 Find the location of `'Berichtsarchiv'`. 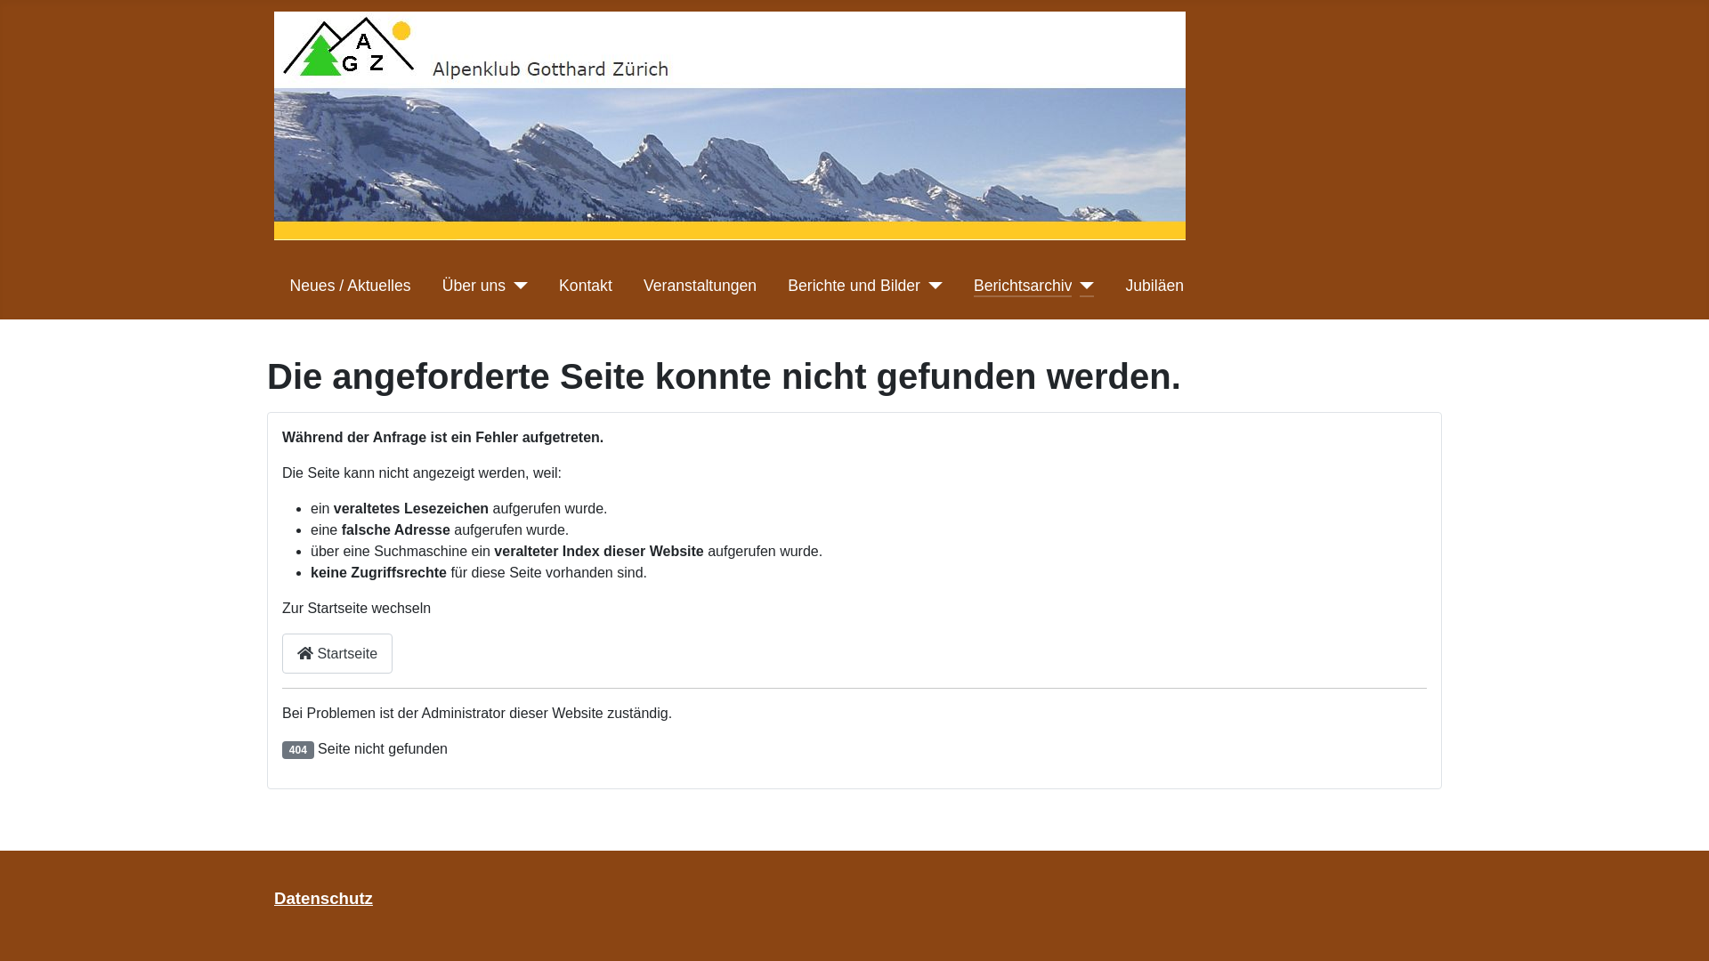

'Berichtsarchiv' is located at coordinates (1023, 284).